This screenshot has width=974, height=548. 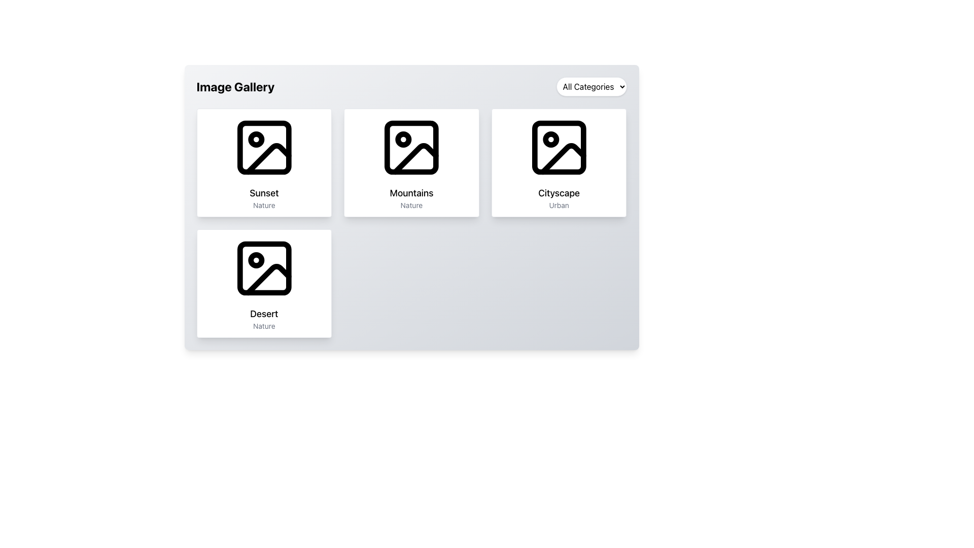 What do you see at coordinates (411, 147) in the screenshot?
I see `the Decorative SVG Rectangle that visually represents the structure of a picture in the 'Mountains' category icon located in the top-left corner of the gallery item` at bounding box center [411, 147].